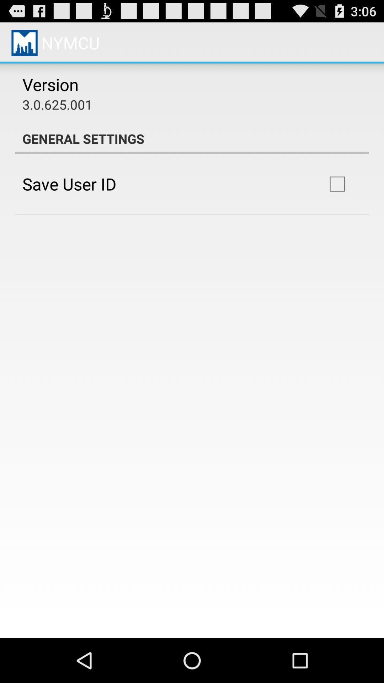 The height and width of the screenshot is (683, 384). Describe the element at coordinates (57, 104) in the screenshot. I see `icon above the general settings` at that location.